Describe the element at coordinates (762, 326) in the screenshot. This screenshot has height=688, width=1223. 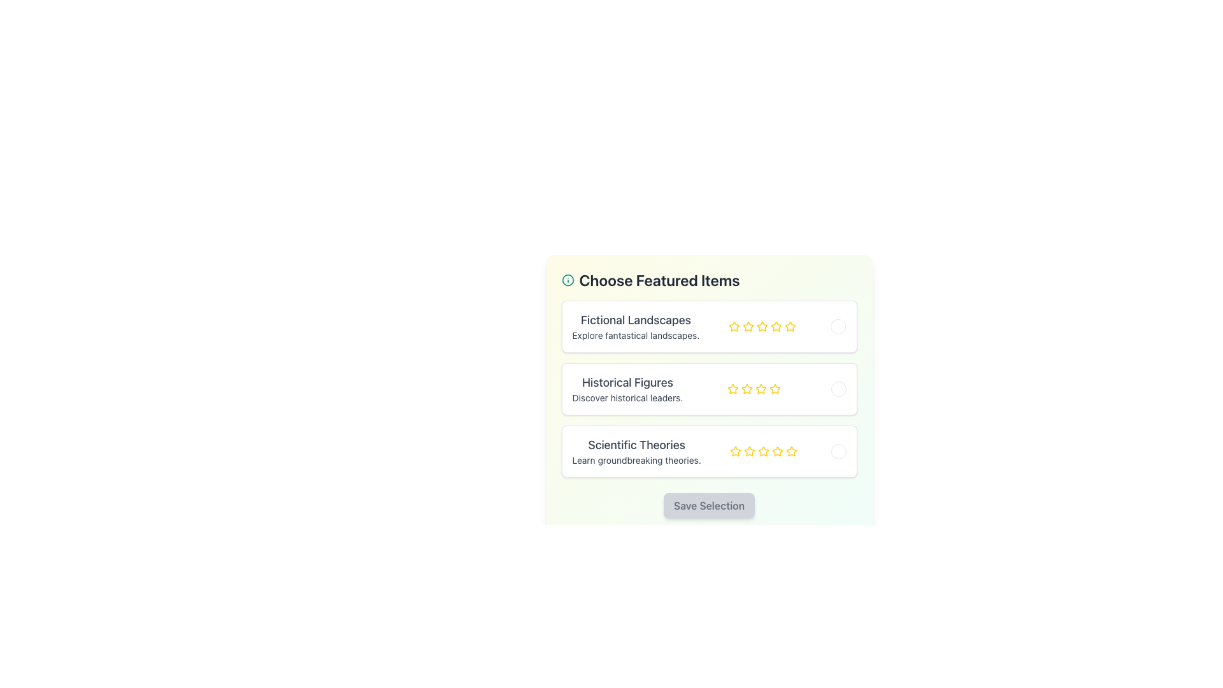
I see `the third star icon in the rating interface, located to the right of 'Fictional Landscapes'` at that location.